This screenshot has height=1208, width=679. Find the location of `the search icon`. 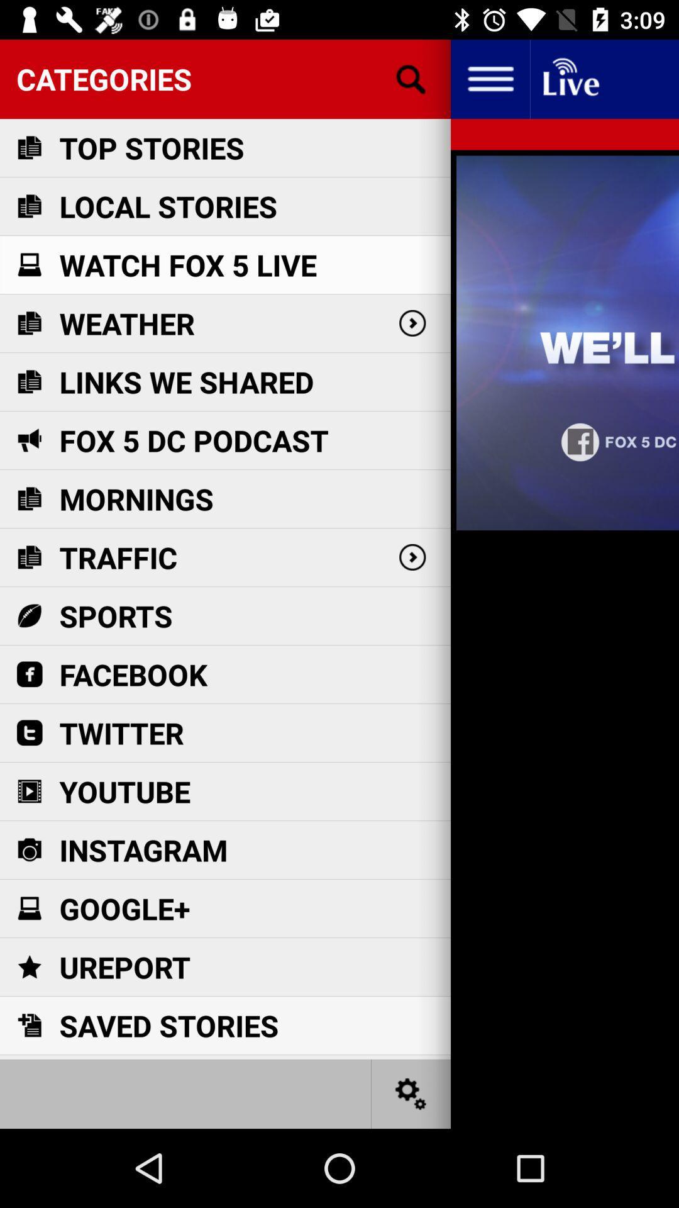

the search icon is located at coordinates (411, 78).